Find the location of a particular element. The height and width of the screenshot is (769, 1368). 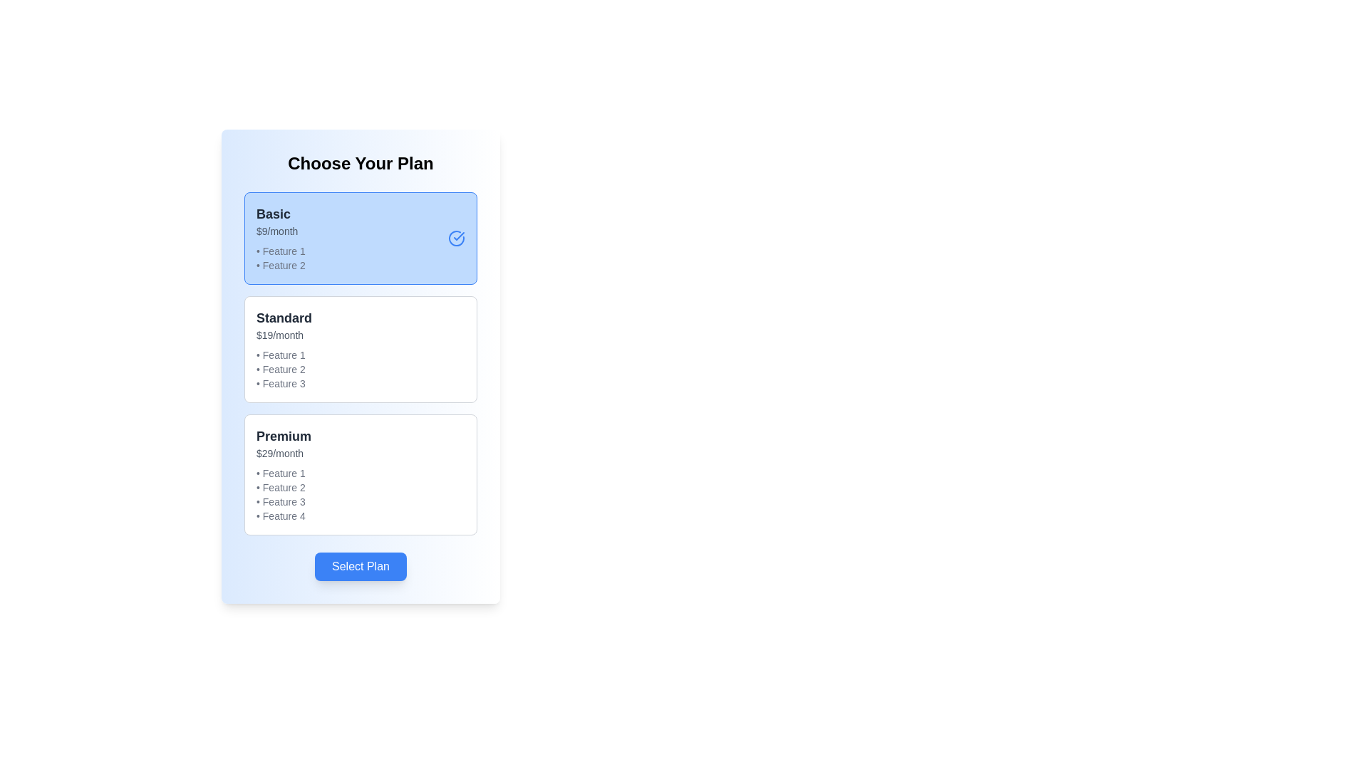

the text item displaying '• Feature 2', which is the second item in the list of features for the 'Premium' plan, styled in a small light gray font is located at coordinates (284, 487).